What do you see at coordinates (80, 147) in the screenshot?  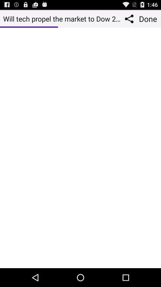 I see `loading page` at bounding box center [80, 147].